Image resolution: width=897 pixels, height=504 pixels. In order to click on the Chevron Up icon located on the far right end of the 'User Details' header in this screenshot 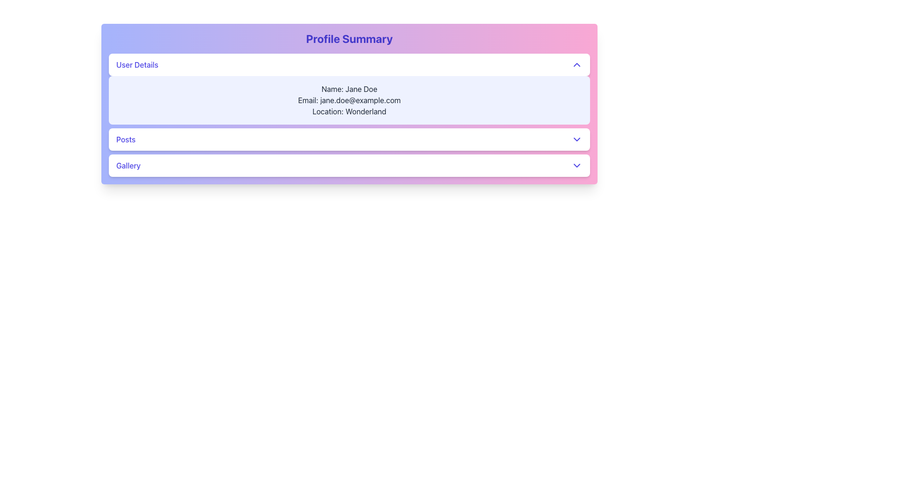, I will do `click(576, 64)`.